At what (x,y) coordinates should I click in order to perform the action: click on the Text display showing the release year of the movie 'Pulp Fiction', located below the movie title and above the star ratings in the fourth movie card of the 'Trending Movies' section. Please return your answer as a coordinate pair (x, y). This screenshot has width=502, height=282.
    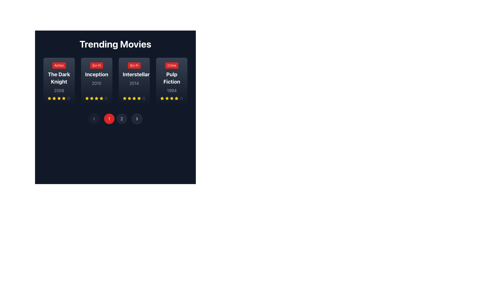
    Looking at the image, I should click on (172, 90).